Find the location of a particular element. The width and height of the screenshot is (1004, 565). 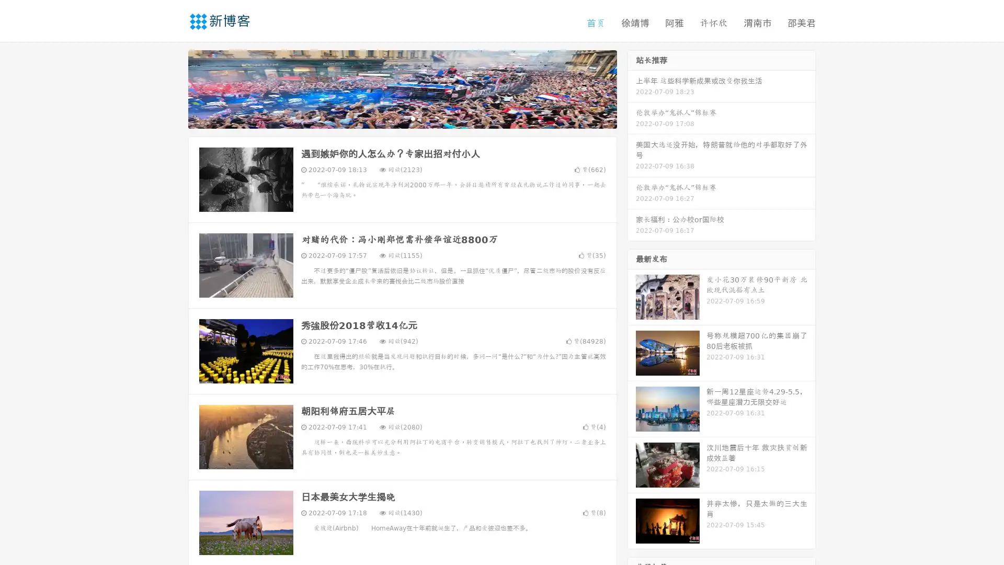

Go to slide 3 is located at coordinates (413, 118).